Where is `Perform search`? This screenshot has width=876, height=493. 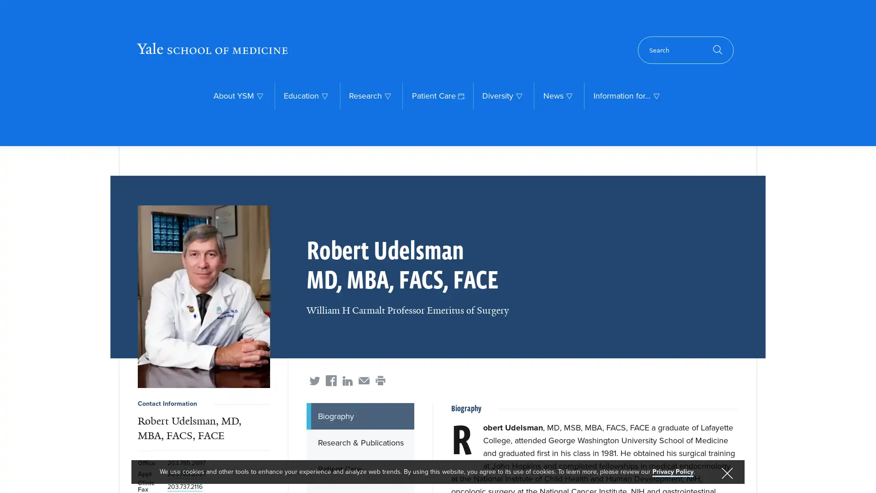
Perform search is located at coordinates (685, 50).